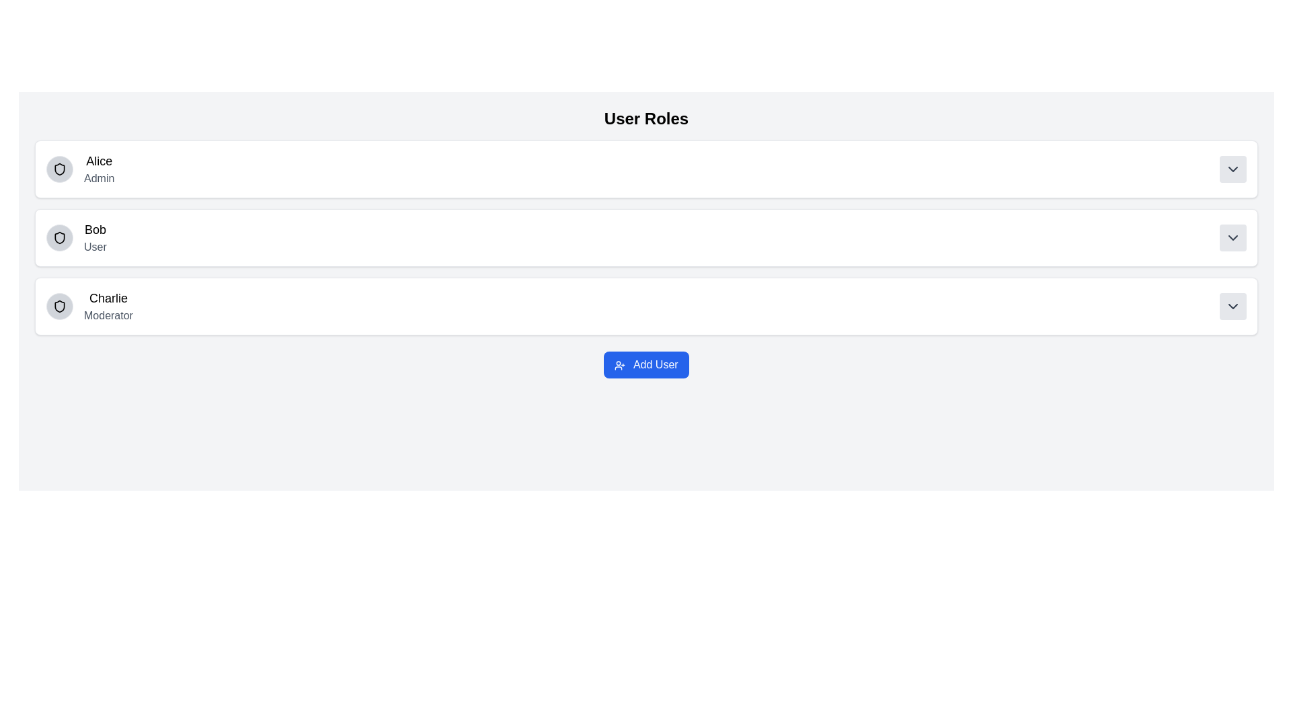 Image resolution: width=1291 pixels, height=726 pixels. Describe the element at coordinates (108, 316) in the screenshot. I see `the text label 'Moderator' which is styled in gray and located below the 'Charlie' label in the 'User Roles' list` at that location.